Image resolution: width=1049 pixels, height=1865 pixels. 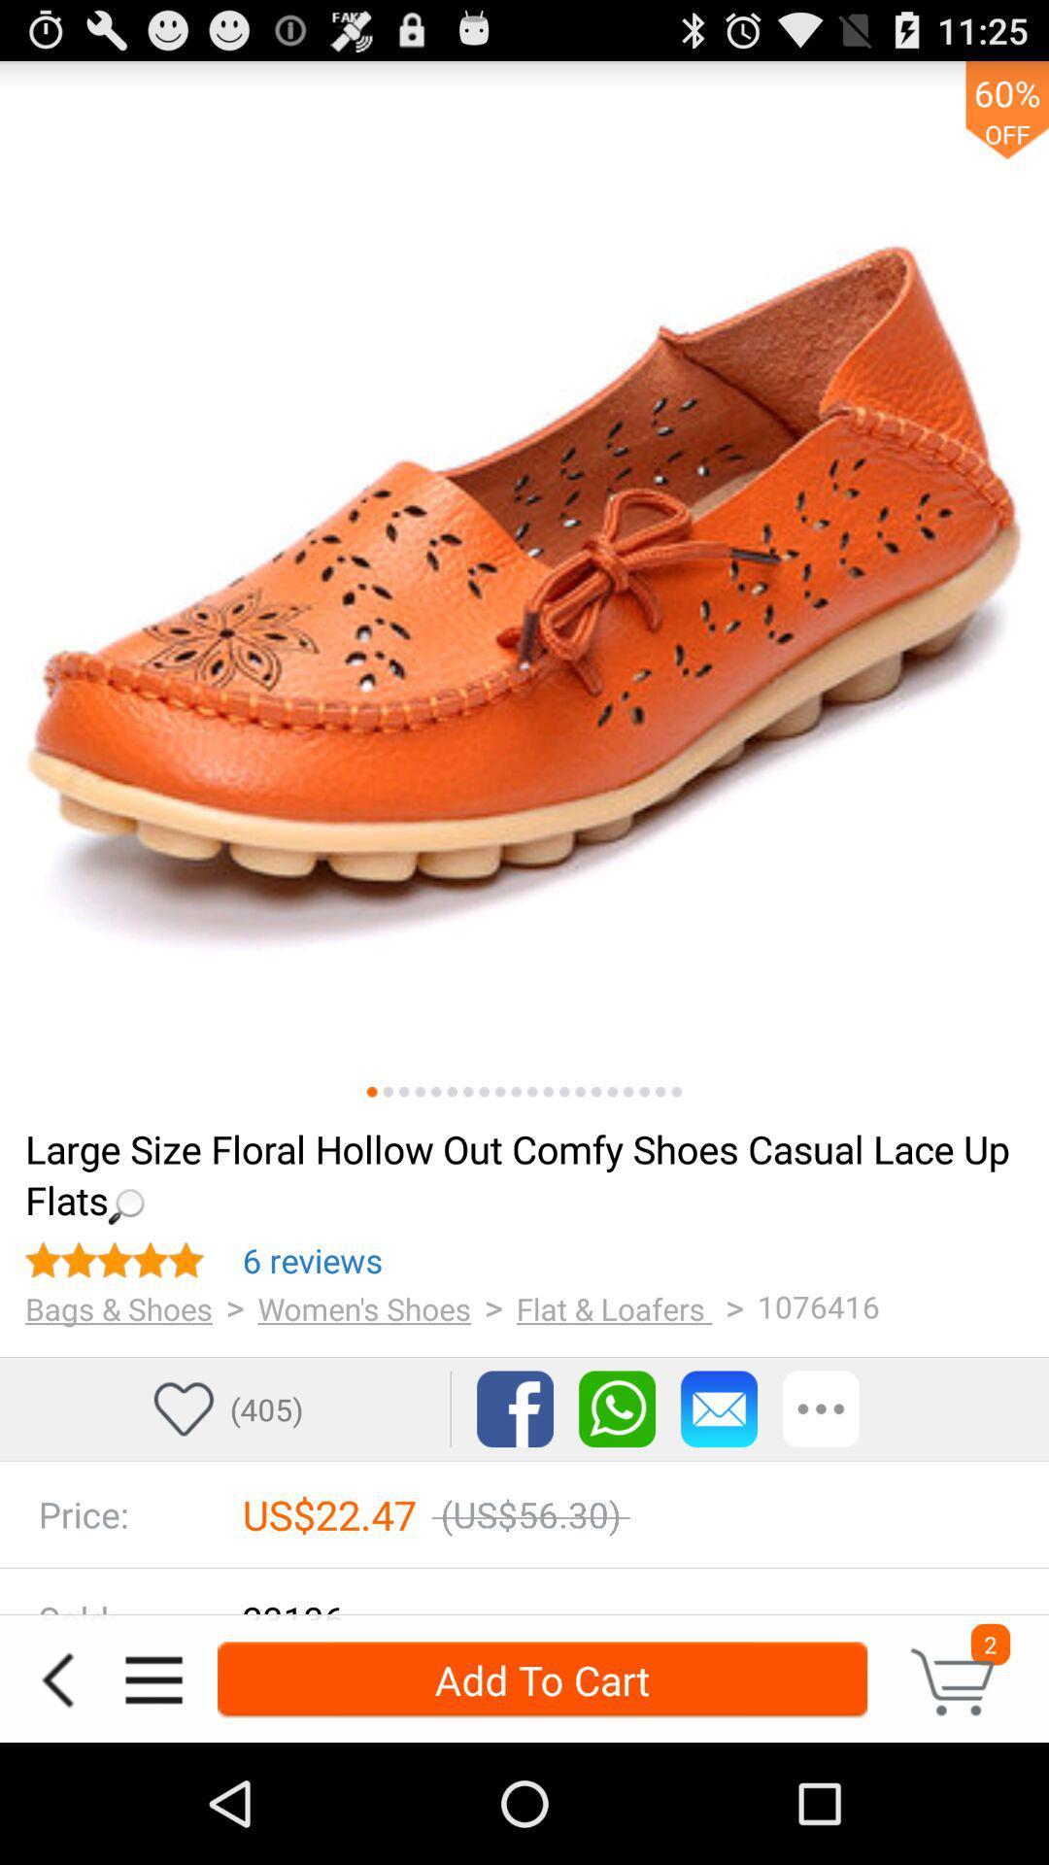 What do you see at coordinates (419, 1092) in the screenshot?
I see `fourth sample image` at bounding box center [419, 1092].